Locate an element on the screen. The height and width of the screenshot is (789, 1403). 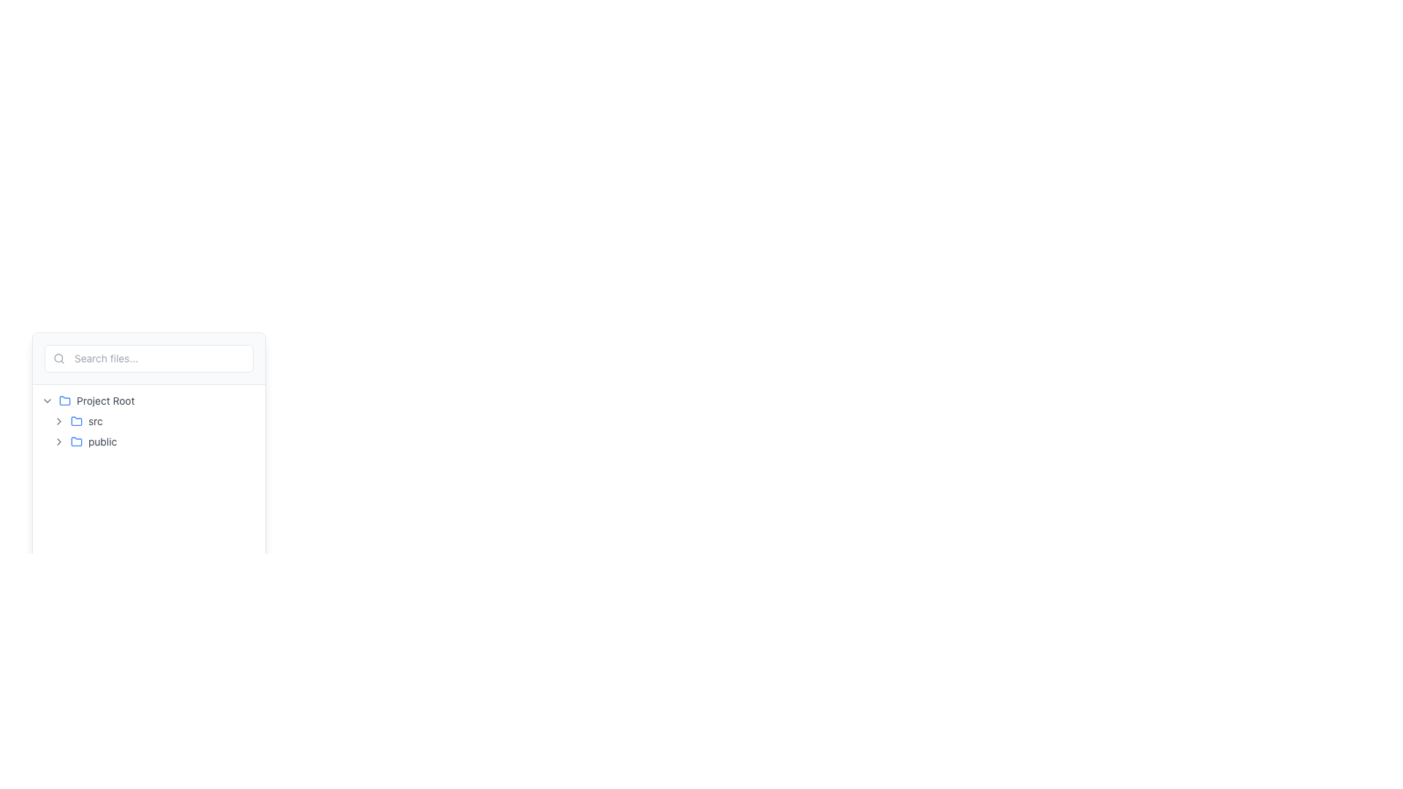
the root directory tree node to possibly view a tooltip is located at coordinates (87, 400).